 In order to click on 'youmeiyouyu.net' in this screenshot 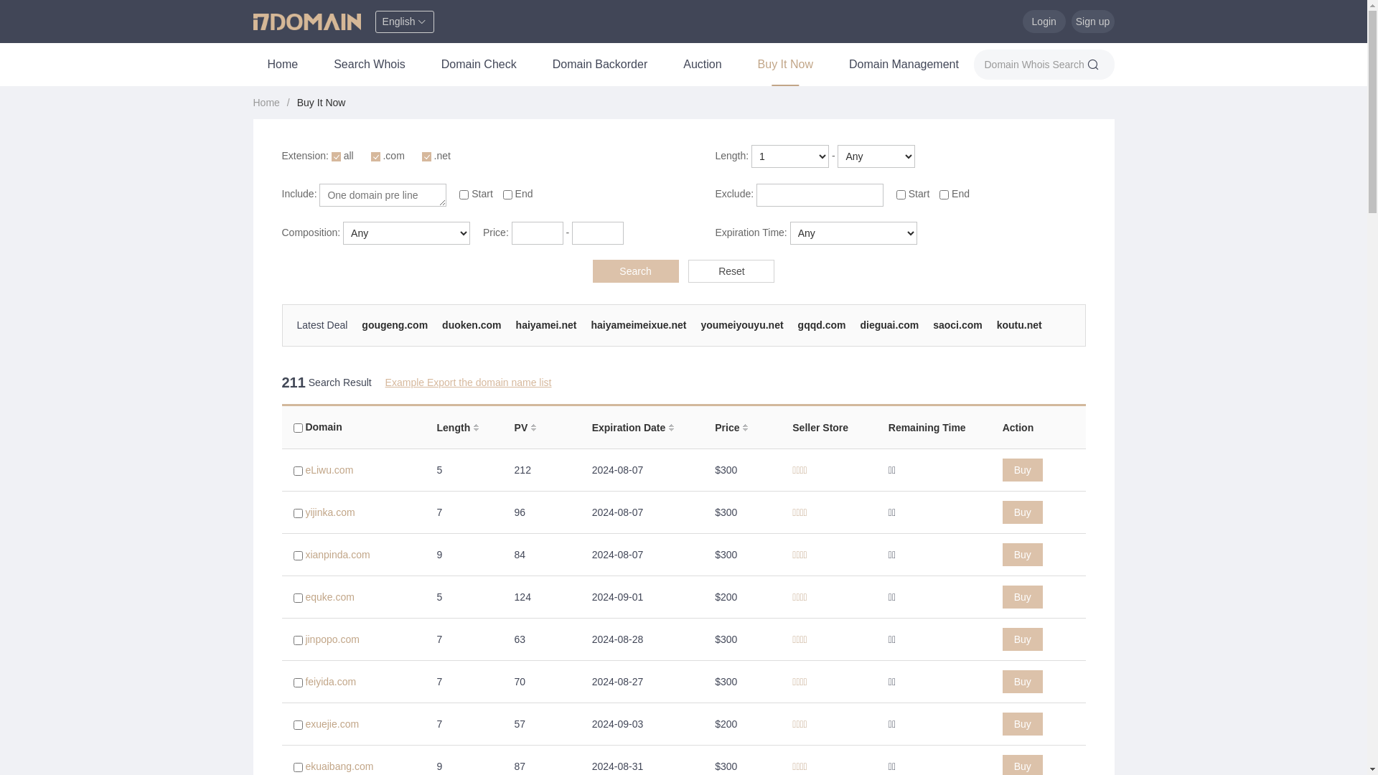, I will do `click(741, 324)`.